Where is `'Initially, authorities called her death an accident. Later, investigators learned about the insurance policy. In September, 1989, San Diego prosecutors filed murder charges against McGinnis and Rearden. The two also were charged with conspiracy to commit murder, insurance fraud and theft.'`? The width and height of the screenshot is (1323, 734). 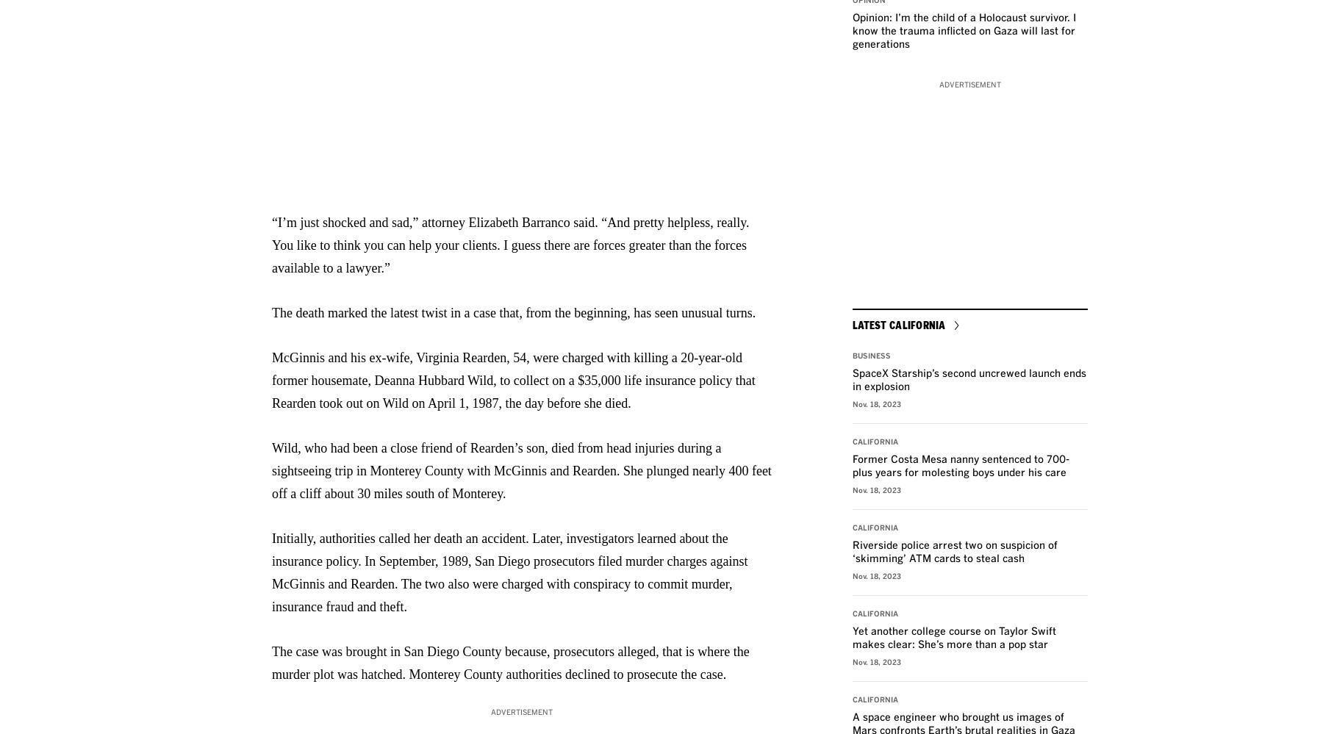 'Initially, authorities called her death an accident. Later, investigators learned about the insurance policy. In September, 1989, San Diego prosecutors filed murder charges against McGinnis and Rearden. The two also were charged with conspiracy to commit murder, insurance fraud and theft.' is located at coordinates (509, 572).